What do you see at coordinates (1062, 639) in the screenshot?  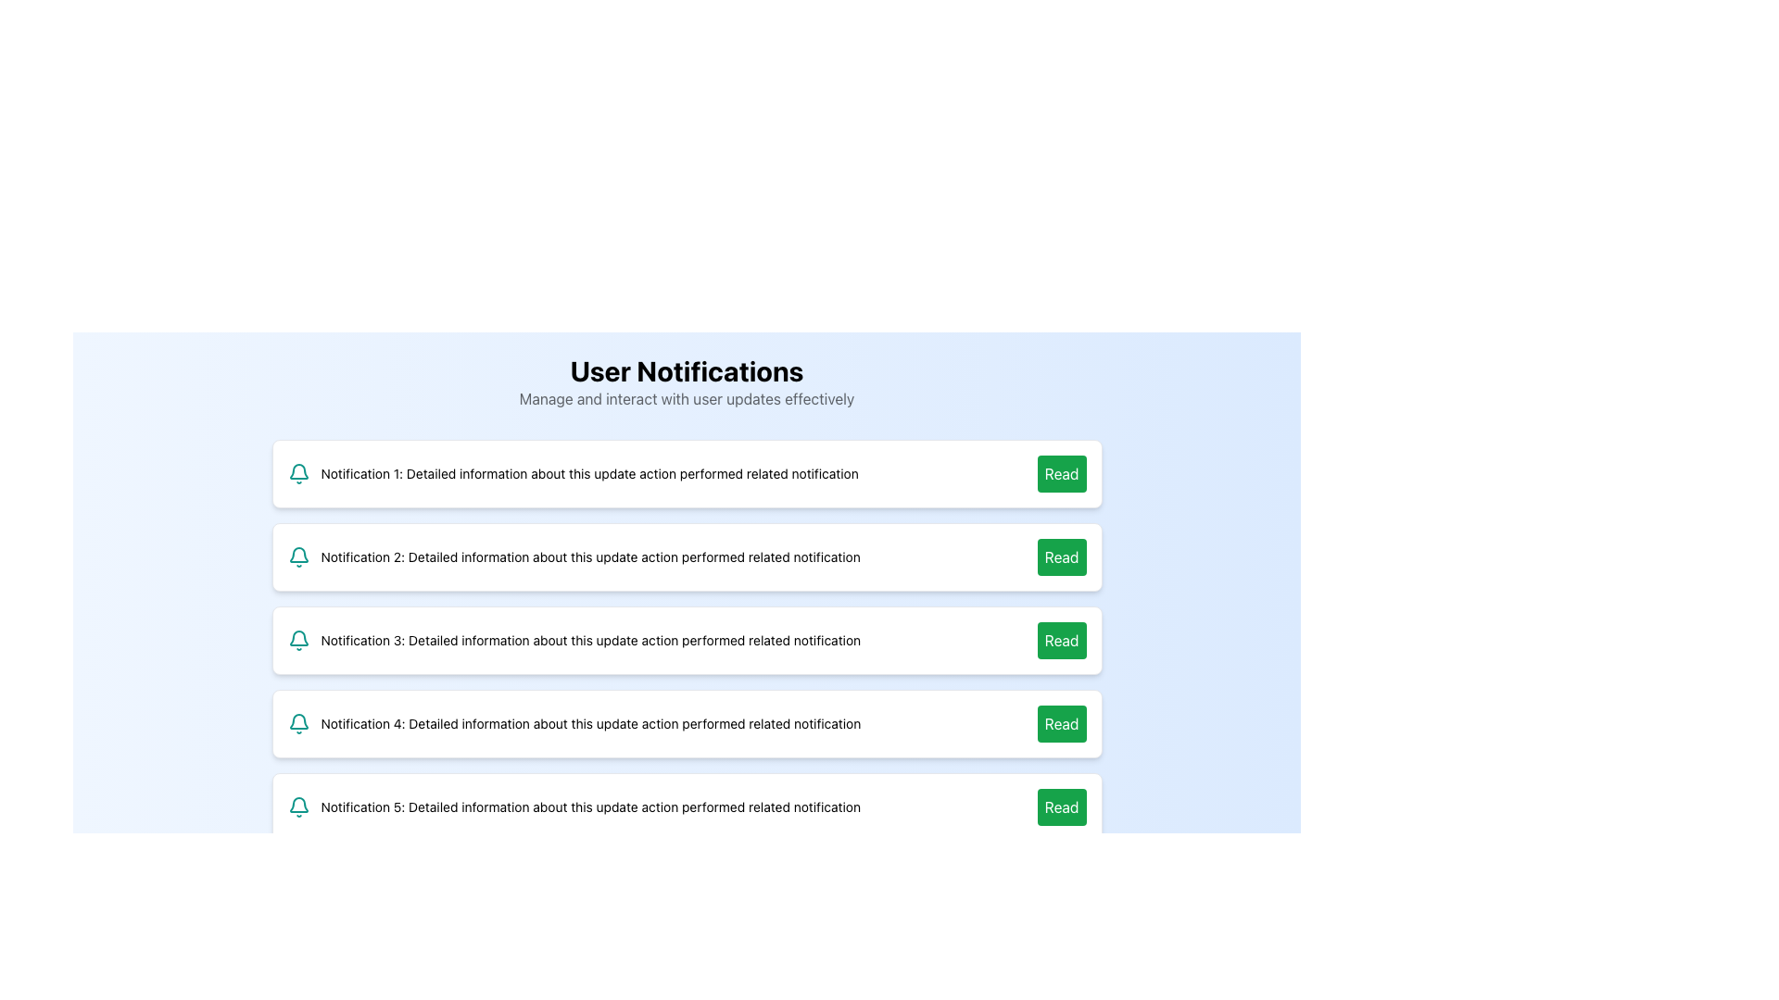 I see `the button aligned to the right side of Notification 3 to mark the notification as read` at bounding box center [1062, 639].